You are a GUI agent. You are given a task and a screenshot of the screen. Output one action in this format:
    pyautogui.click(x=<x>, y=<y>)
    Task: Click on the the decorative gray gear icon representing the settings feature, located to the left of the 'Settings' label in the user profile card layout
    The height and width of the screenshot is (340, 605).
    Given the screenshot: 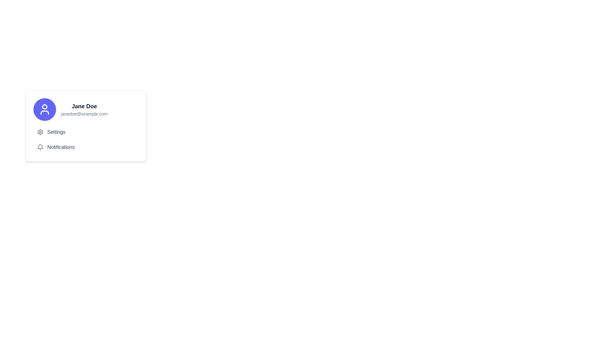 What is the action you would take?
    pyautogui.click(x=40, y=132)
    